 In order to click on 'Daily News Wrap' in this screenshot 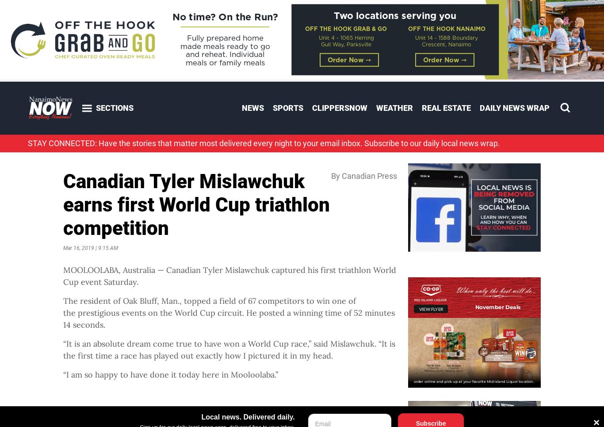, I will do `click(514, 108)`.